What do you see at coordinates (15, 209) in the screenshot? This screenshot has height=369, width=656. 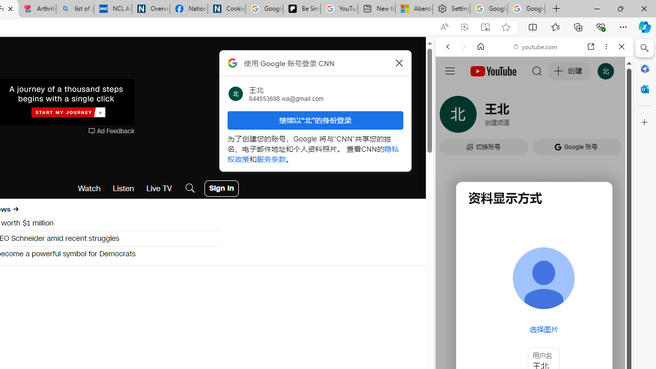 I see `'Class: right-arrow'` at bounding box center [15, 209].